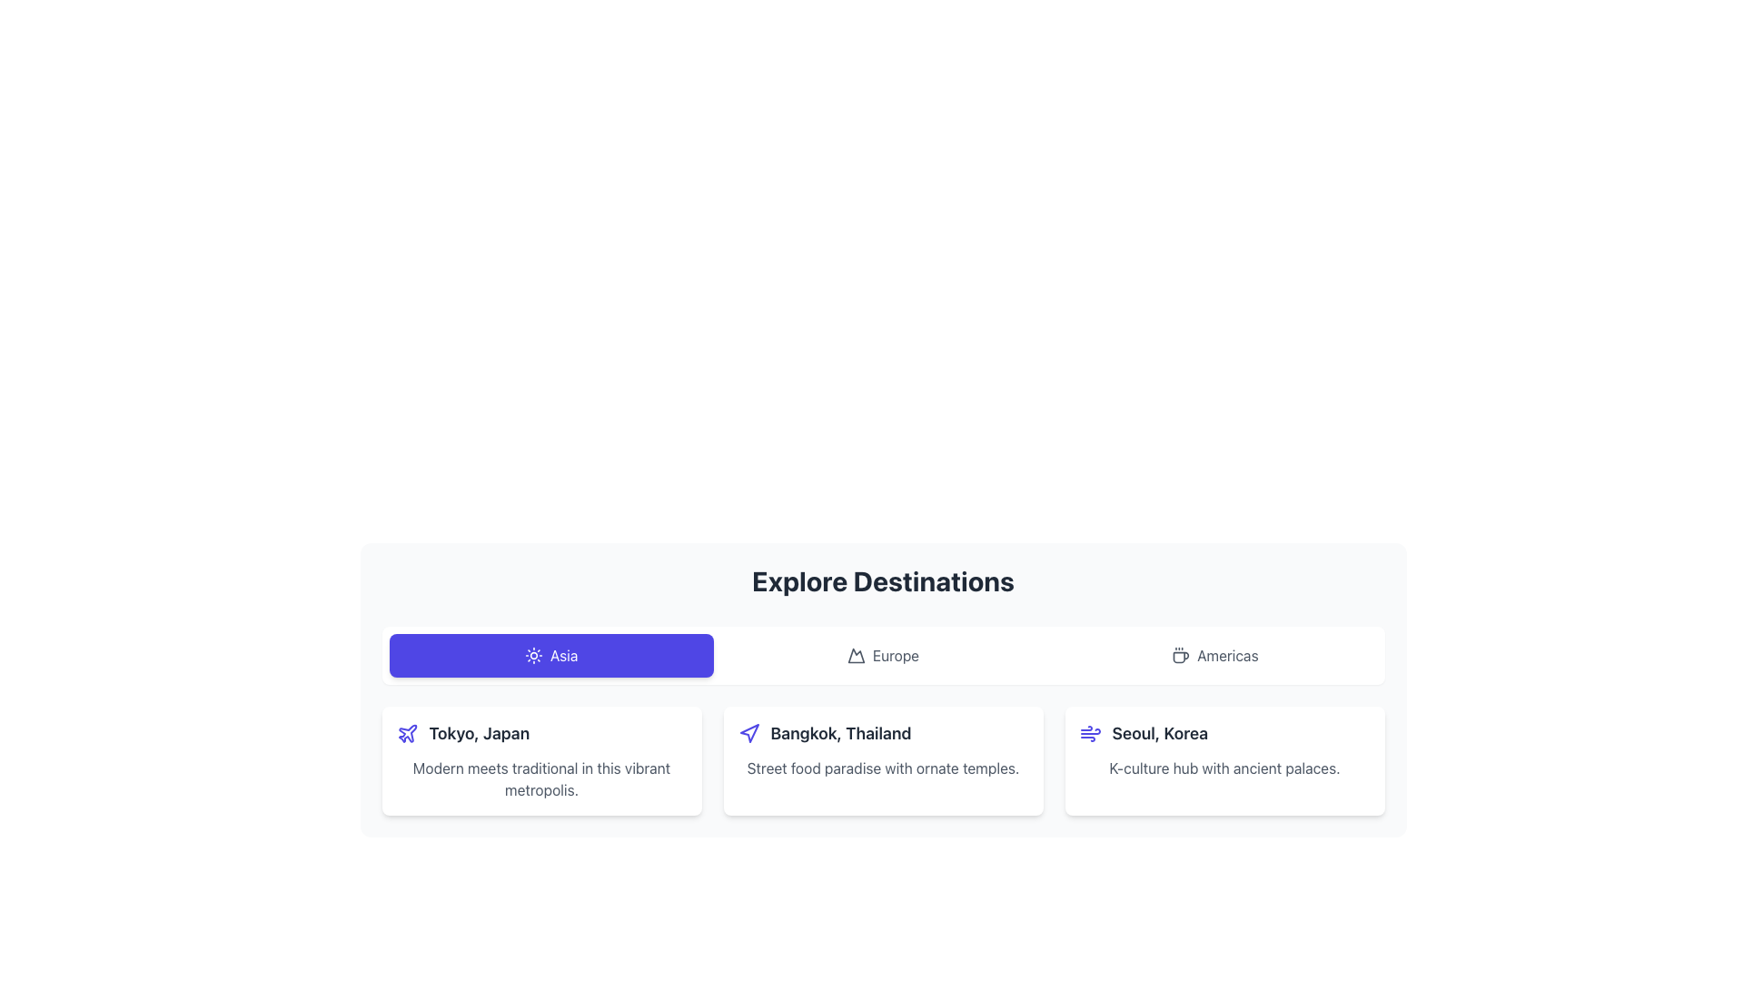 This screenshot has width=1744, height=981. What do you see at coordinates (896, 655) in the screenshot?
I see `the text label displaying 'Europe', which is centrally aligned and accompanied by a mountain icon on its left, for contextual information` at bounding box center [896, 655].